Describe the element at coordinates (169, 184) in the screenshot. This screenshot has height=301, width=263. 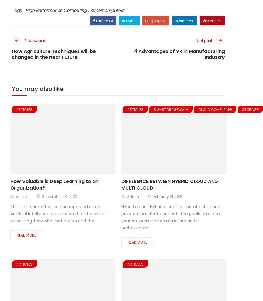
I see `'DIFFERENCE BETWEEN HYBRID CLOUD AND MULTI CLOUD'` at that location.